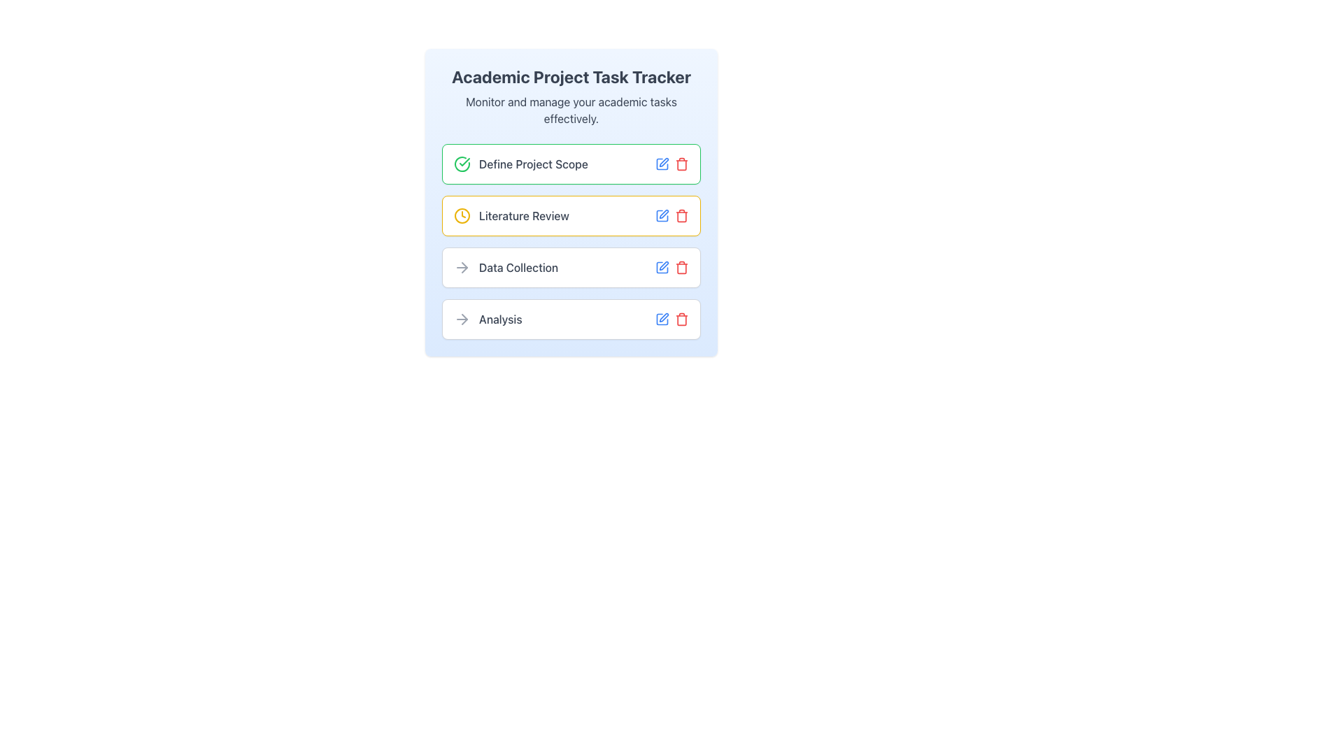  I want to click on the delete icon button located at the right end of the 'Data Collection' task row, so click(671, 267).